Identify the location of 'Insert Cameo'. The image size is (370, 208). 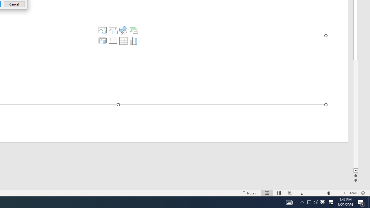
(103, 40).